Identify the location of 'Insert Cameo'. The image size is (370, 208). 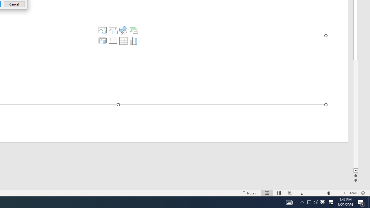
(103, 40).